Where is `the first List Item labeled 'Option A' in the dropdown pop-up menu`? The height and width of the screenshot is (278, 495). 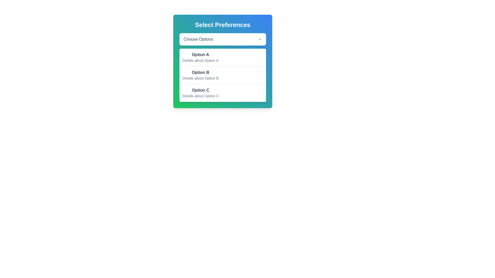 the first List Item labeled 'Option A' in the dropdown pop-up menu is located at coordinates (200, 57).